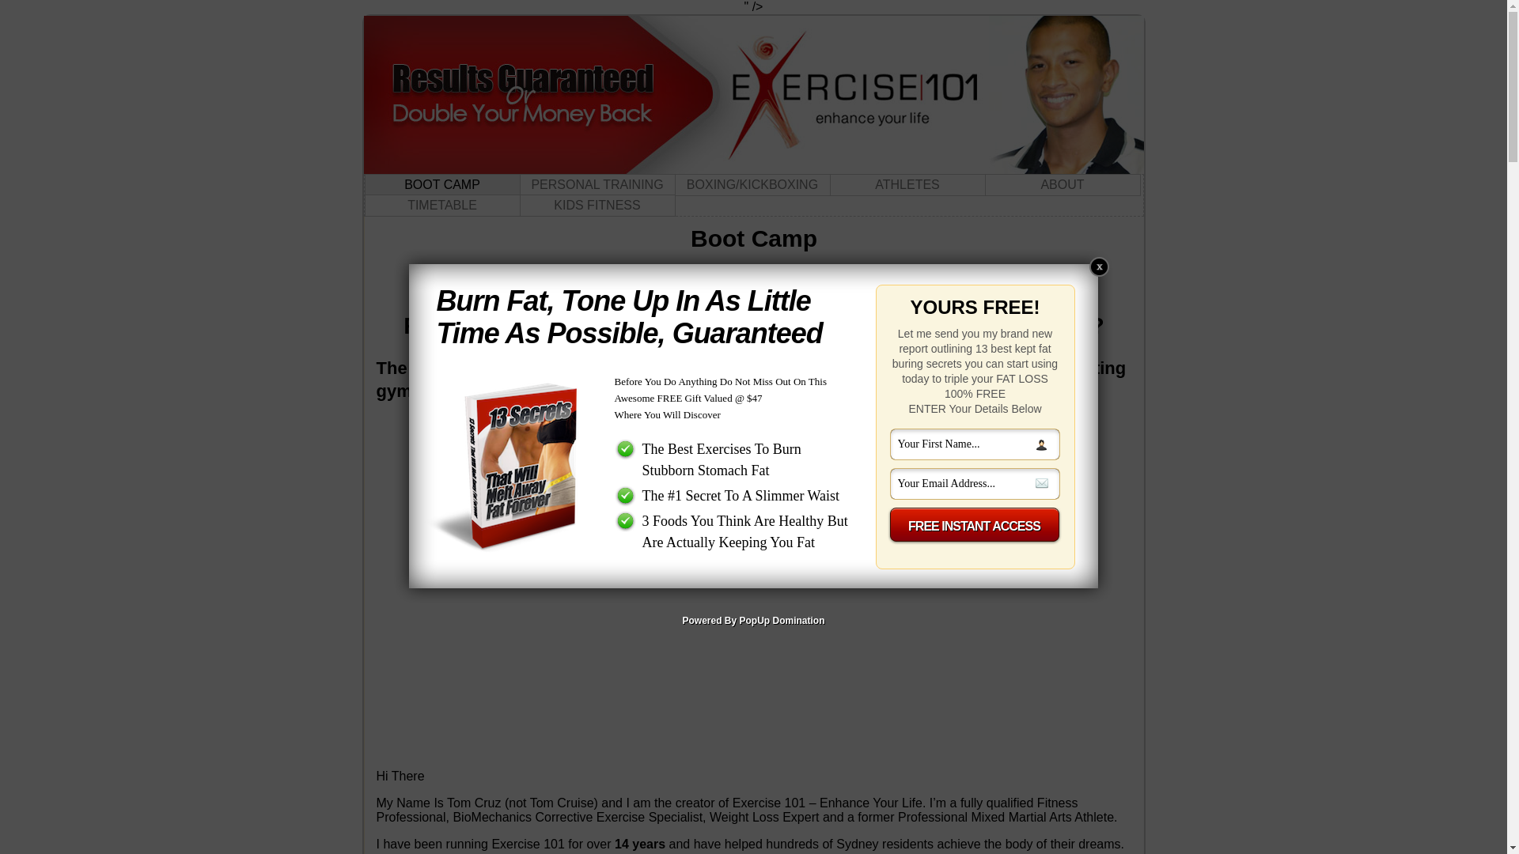  I want to click on 'Powered By PopUp Domination', so click(752, 620).